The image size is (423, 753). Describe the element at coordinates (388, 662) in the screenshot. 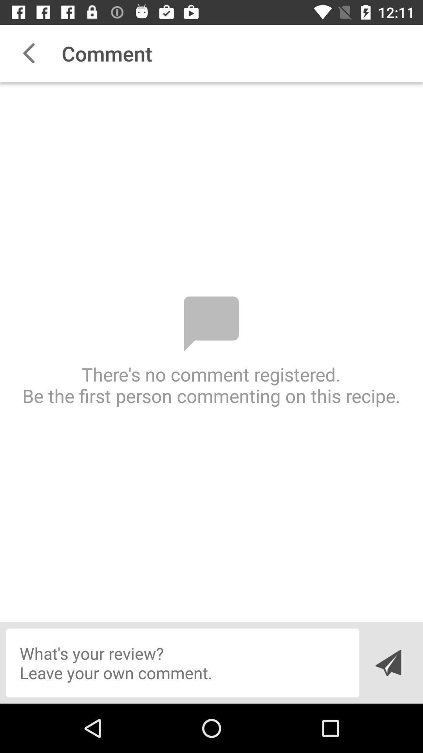

I see `icon below there s no icon` at that location.